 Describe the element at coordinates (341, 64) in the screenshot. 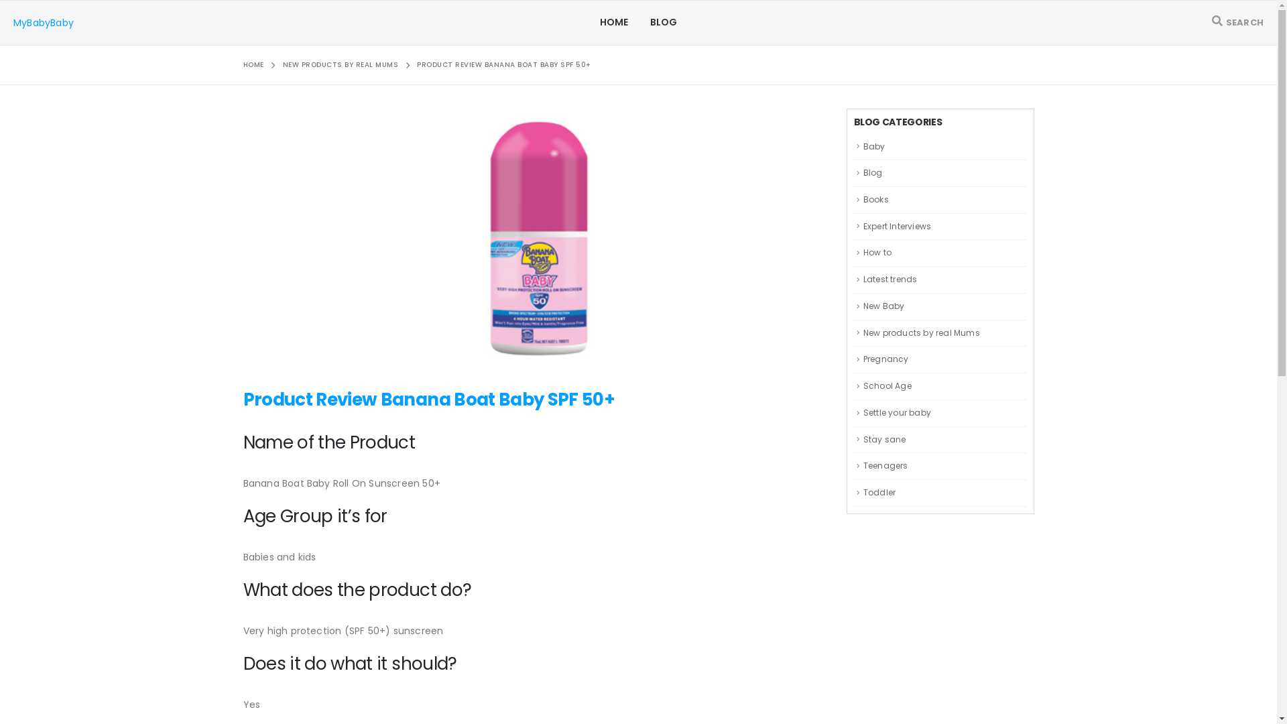

I see `'NEW PRODUCTS BY REAL MUMS'` at that location.